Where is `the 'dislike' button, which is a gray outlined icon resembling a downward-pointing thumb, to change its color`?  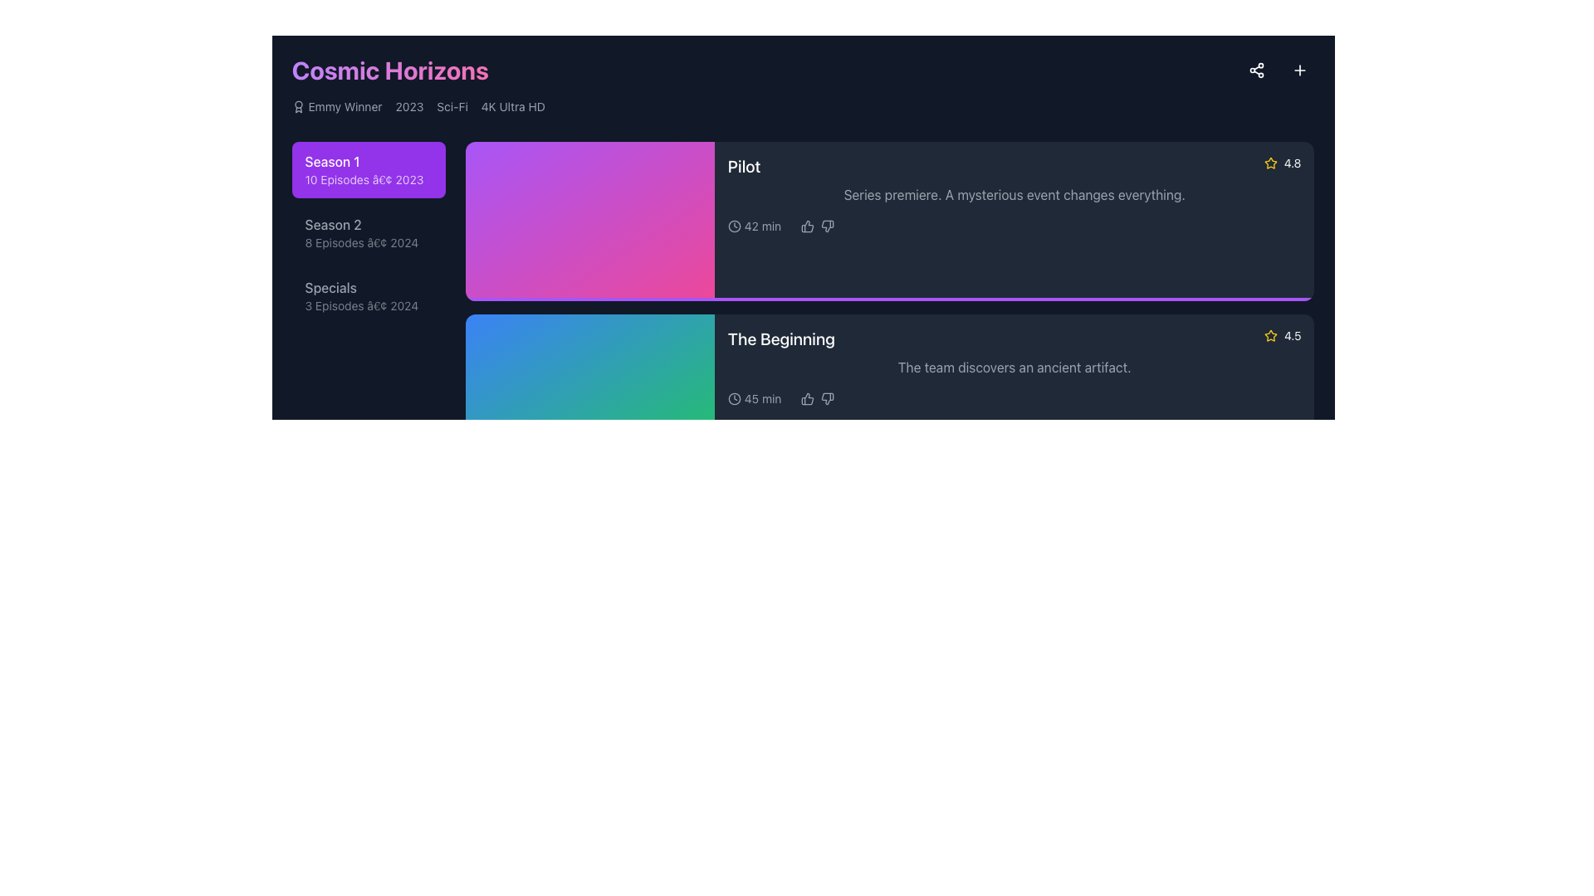 the 'dislike' button, which is a gray outlined icon resembling a downward-pointing thumb, to change its color is located at coordinates (828, 399).